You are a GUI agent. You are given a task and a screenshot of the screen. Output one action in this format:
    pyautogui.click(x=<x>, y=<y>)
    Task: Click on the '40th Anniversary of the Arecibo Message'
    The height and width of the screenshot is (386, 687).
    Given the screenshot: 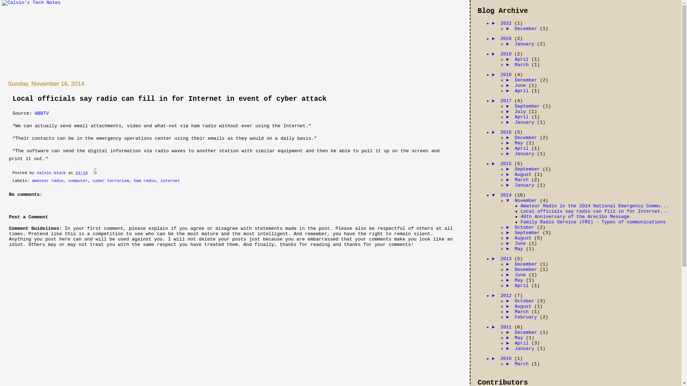 What is the action you would take?
    pyautogui.click(x=575, y=216)
    